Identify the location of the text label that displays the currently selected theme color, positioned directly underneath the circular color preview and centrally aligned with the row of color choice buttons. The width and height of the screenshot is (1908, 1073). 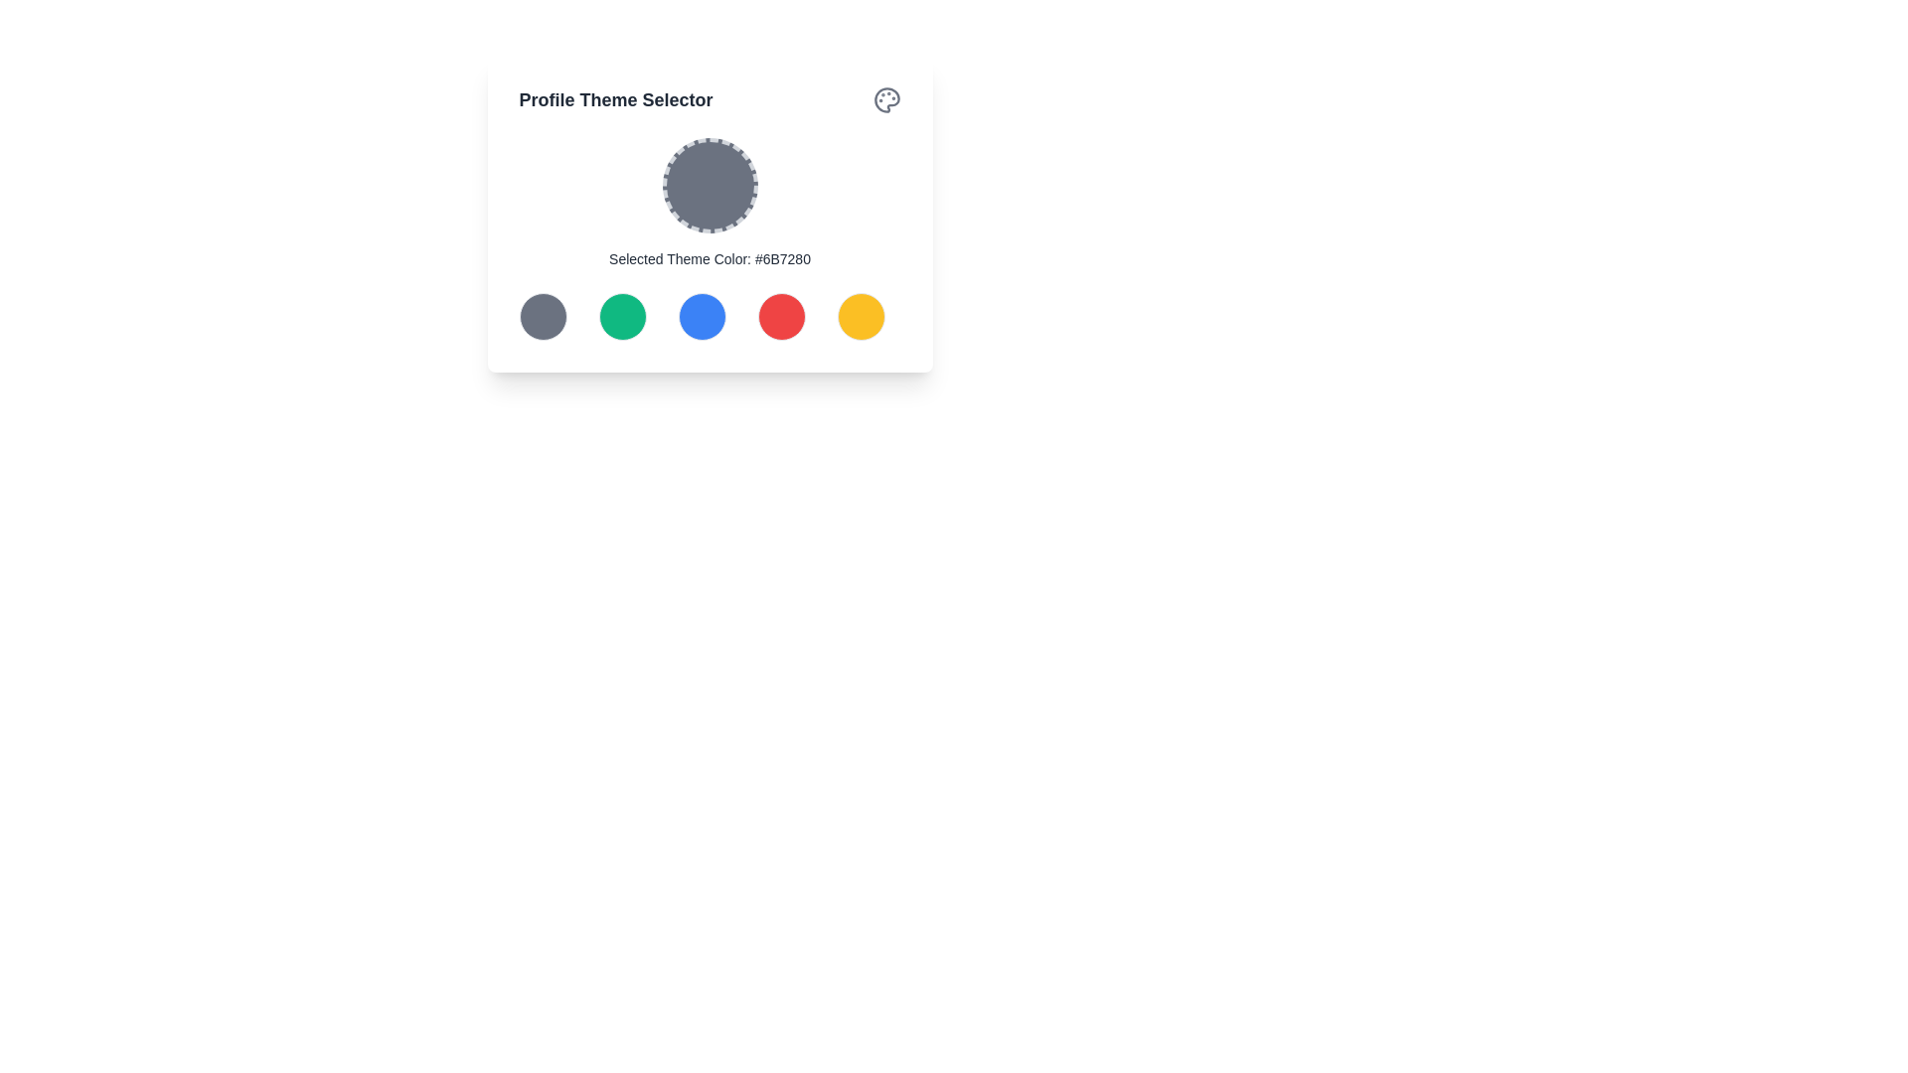
(710, 258).